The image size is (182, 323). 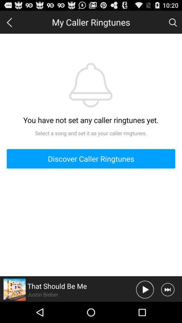 What do you see at coordinates (145, 310) in the screenshot?
I see `the play icon` at bounding box center [145, 310].